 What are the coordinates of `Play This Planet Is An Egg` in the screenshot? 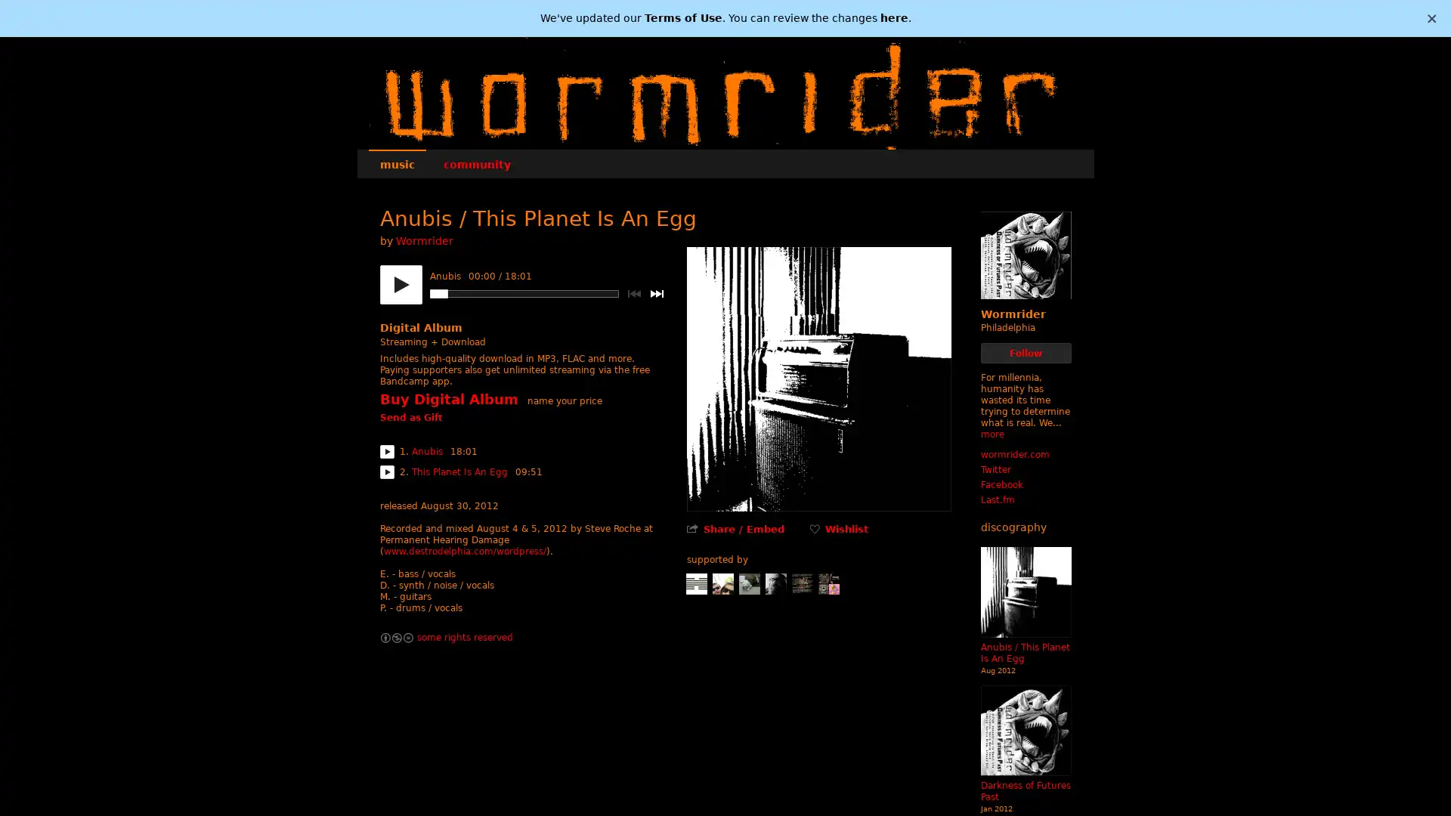 It's located at (386, 471).